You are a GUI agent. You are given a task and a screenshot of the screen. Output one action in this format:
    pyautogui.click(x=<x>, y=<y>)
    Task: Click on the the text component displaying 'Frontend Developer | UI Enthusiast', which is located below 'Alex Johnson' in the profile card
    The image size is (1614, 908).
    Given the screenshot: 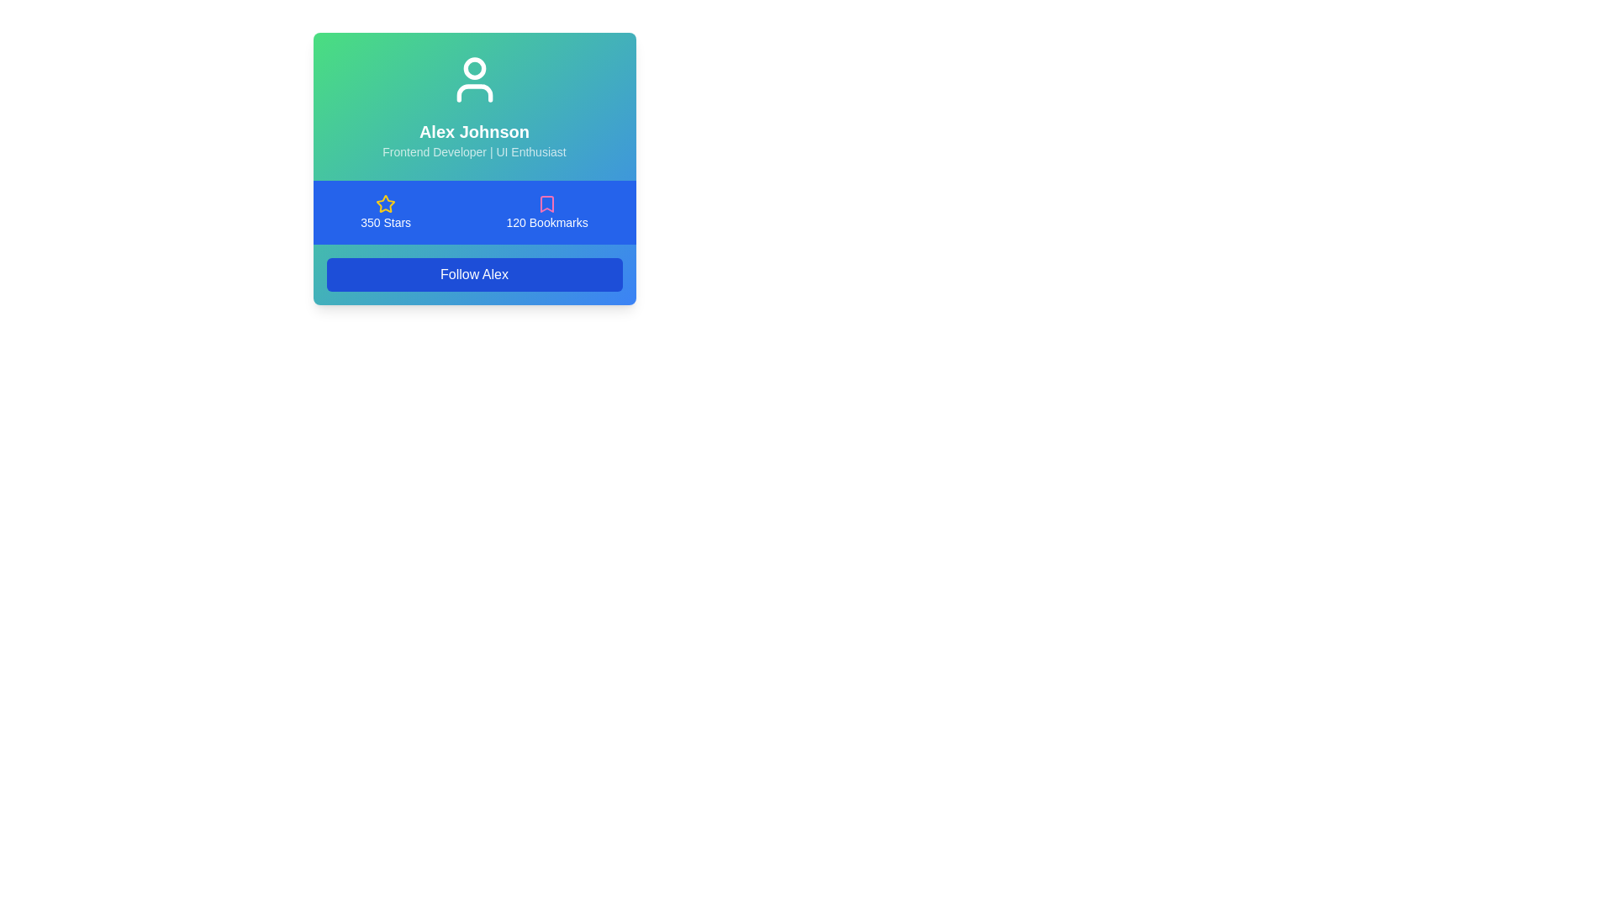 What is the action you would take?
    pyautogui.click(x=473, y=152)
    